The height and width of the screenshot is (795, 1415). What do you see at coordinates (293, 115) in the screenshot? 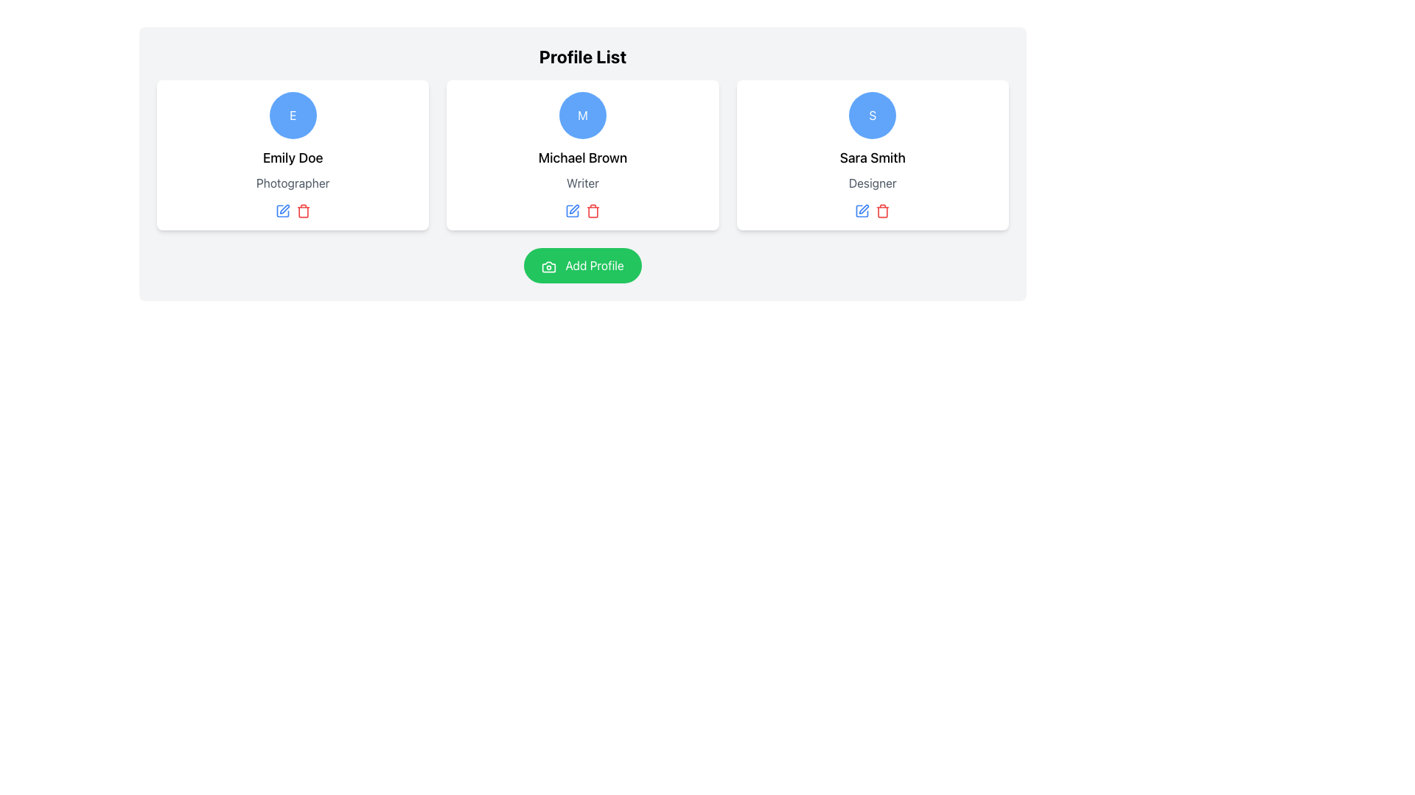
I see `the circular avatar with a blue background and the letter 'E' in white, located at the topmost position of Emily Doe's profile card` at bounding box center [293, 115].